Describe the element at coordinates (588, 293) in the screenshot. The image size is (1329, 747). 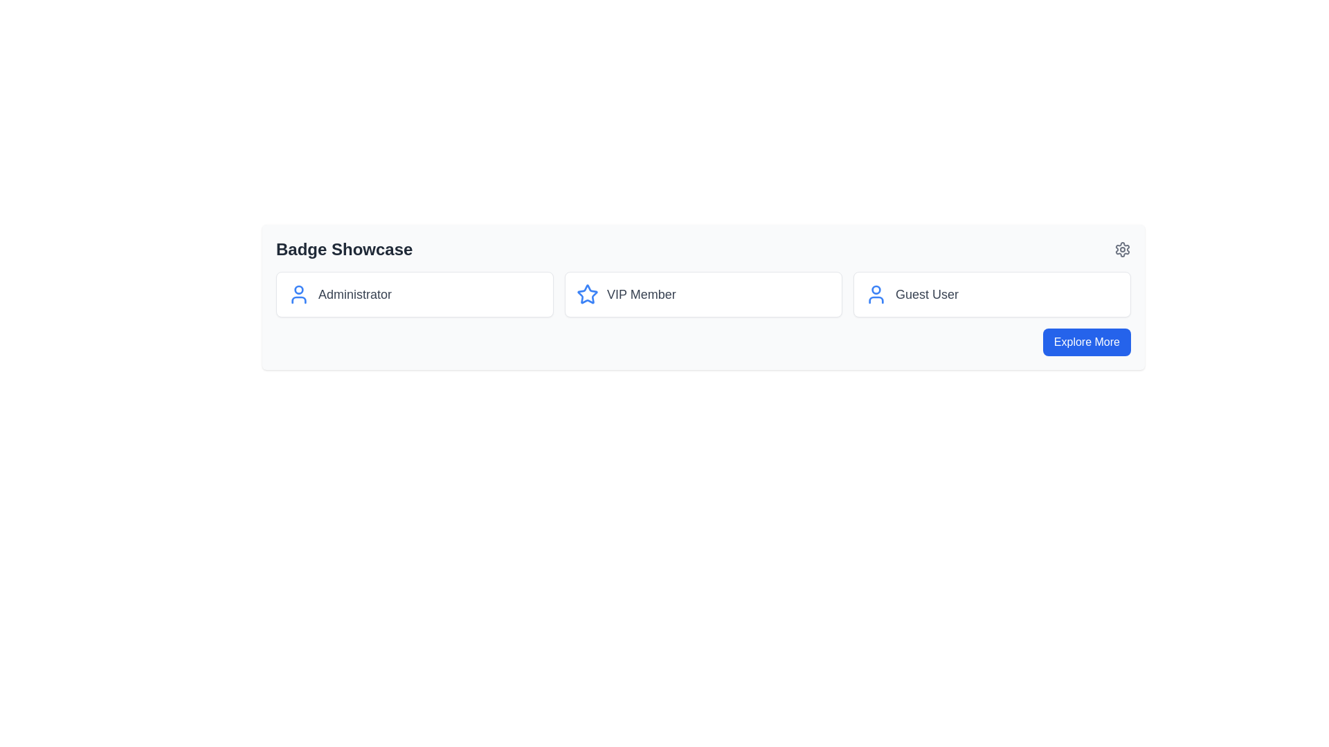
I see `the decorative icon representing exclusivity and importance located in the center of the 'VIP Member' card, which is the second card from the left, positioned between 'Administrator' and 'Guest User'` at that location.